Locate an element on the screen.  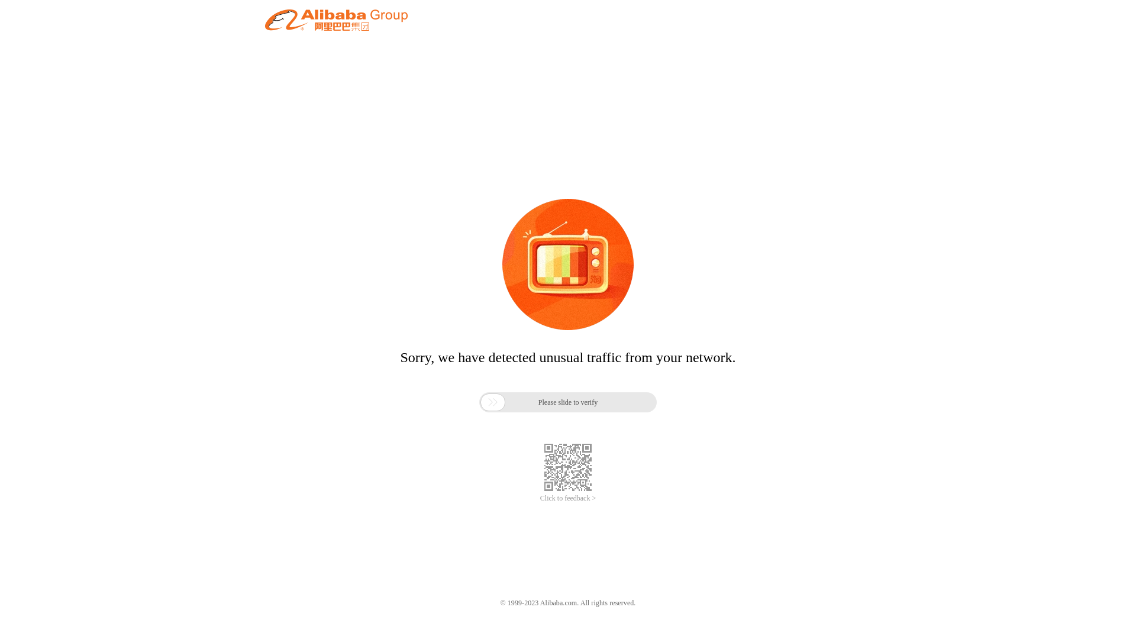
'Click to feedback >' is located at coordinates (539, 498).